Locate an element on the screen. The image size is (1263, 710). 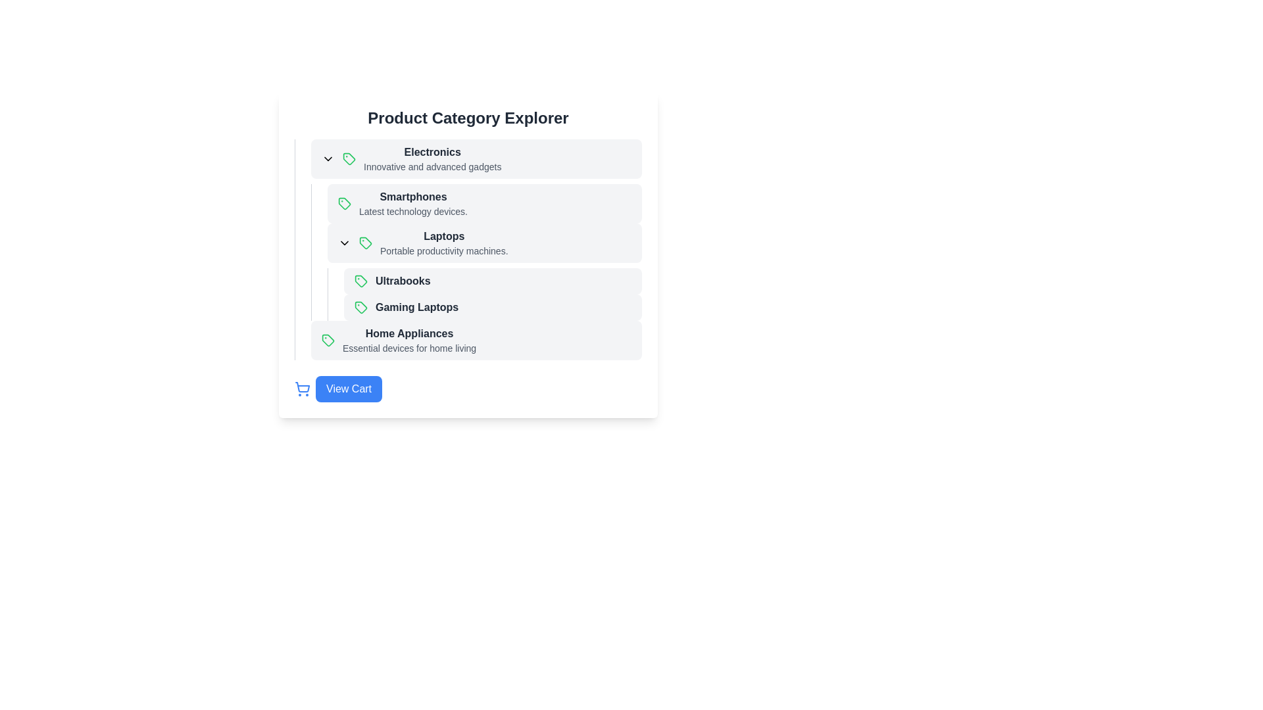
the 'Ultrabooks' category item in the Product Category Explorer section is located at coordinates (492, 281).